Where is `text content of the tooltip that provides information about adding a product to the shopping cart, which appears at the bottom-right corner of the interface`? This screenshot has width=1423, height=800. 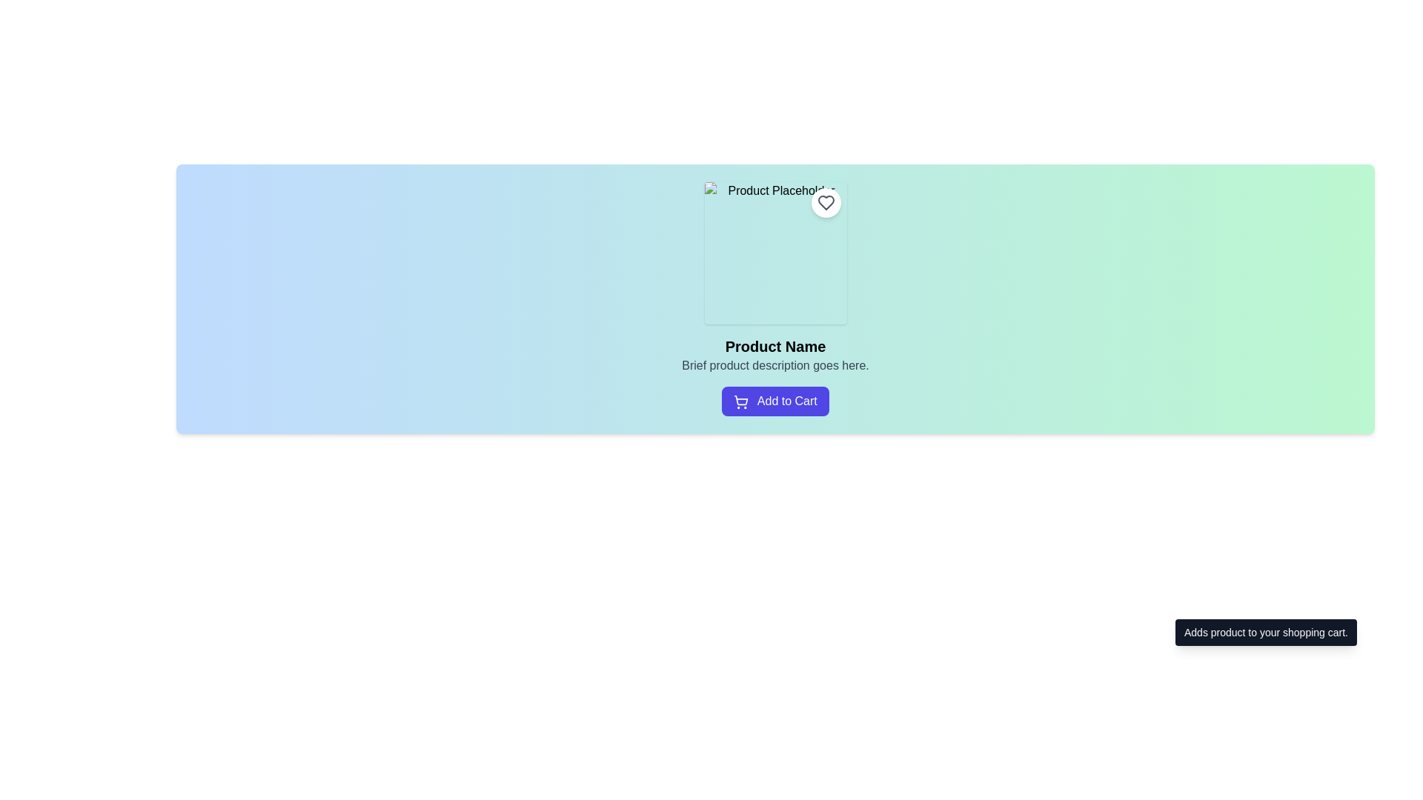
text content of the tooltip that provides information about adding a product to the shopping cart, which appears at the bottom-right corner of the interface is located at coordinates (1265, 632).